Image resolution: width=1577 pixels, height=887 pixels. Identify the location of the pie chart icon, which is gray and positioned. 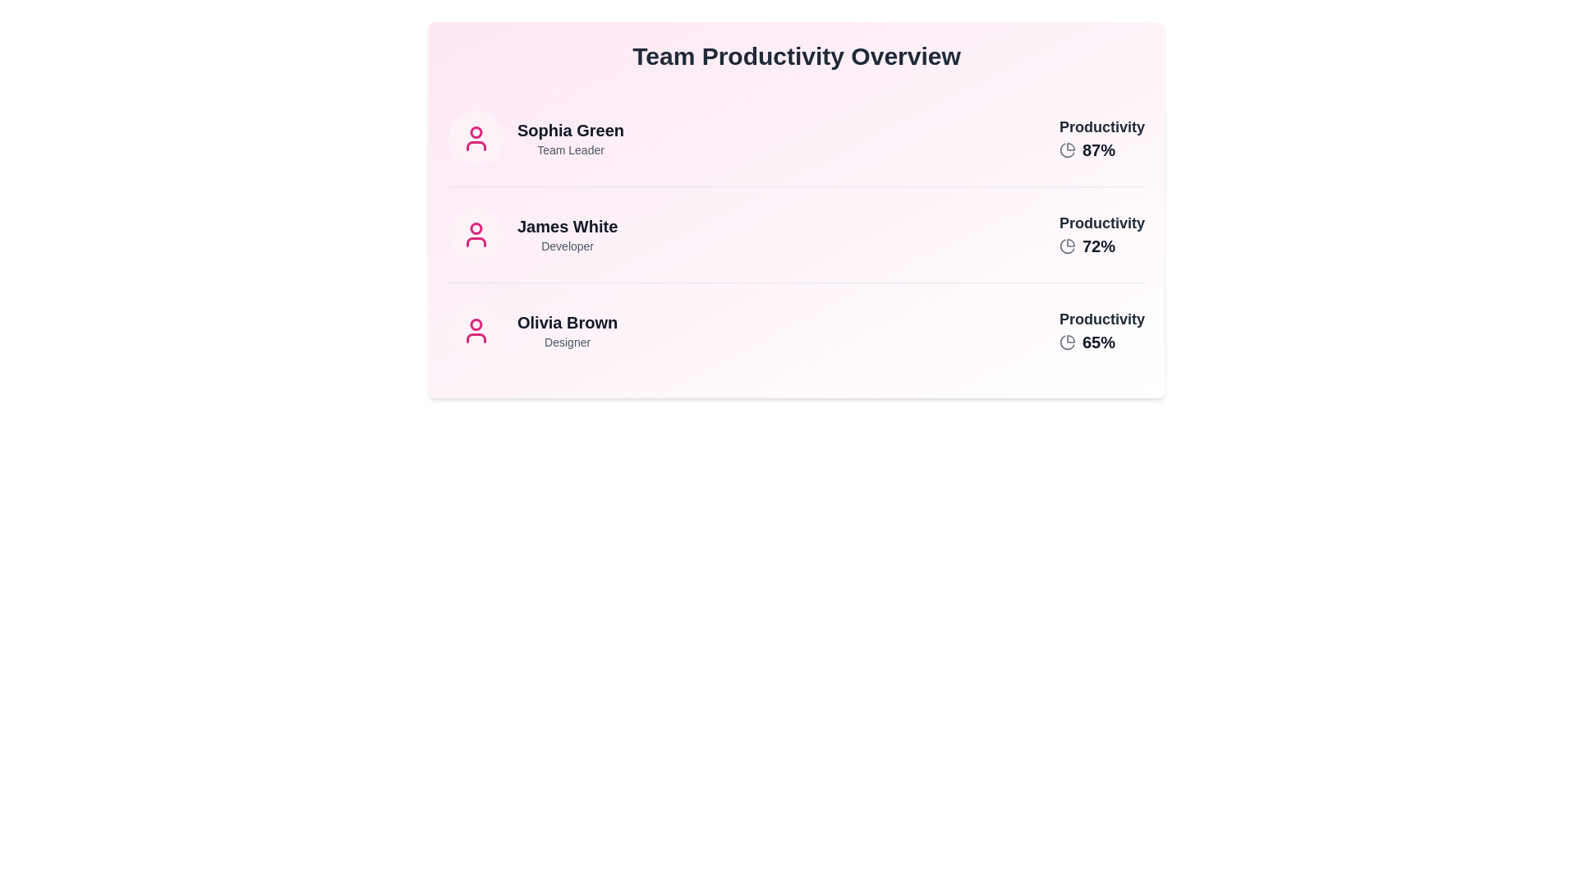
(1068, 149).